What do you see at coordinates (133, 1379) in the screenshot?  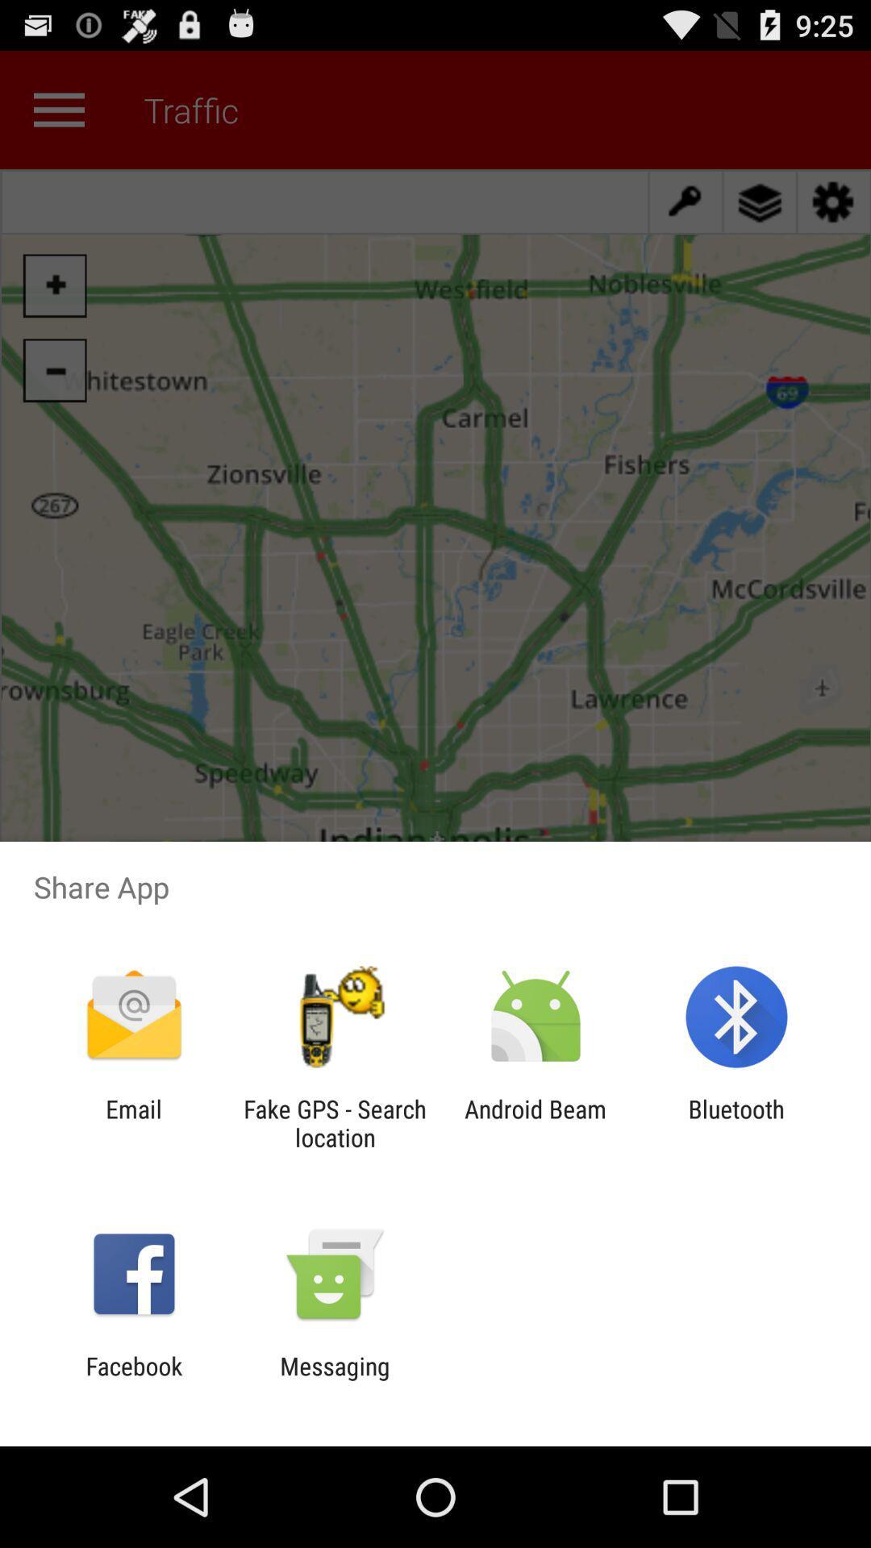 I see `icon to the left of messaging app` at bounding box center [133, 1379].